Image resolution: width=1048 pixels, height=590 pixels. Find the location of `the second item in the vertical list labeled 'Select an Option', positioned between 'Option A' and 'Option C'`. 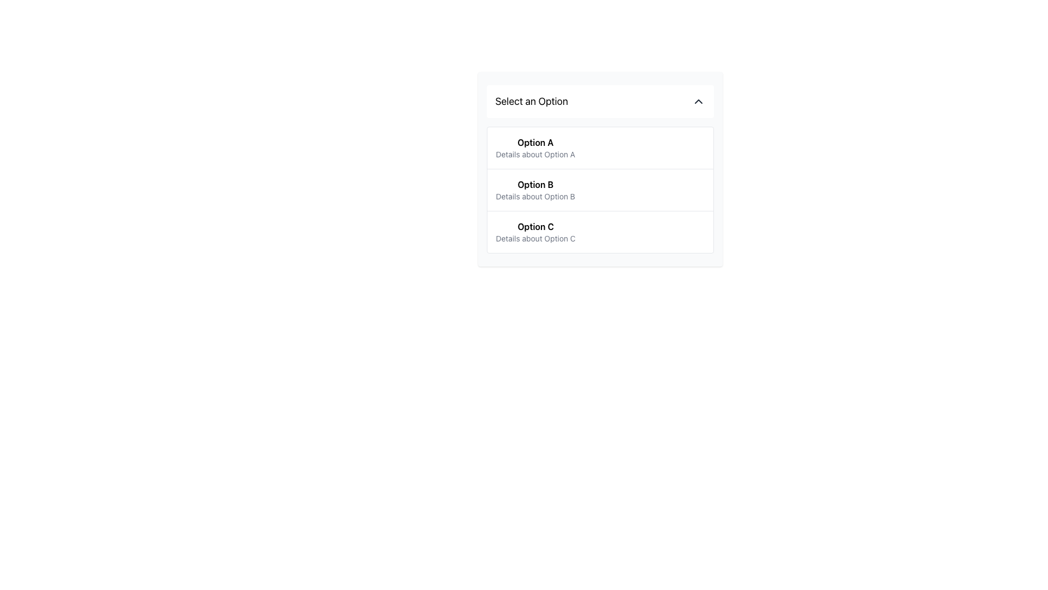

the second item in the vertical list labeled 'Select an Option', positioned between 'Option A' and 'Option C' is located at coordinates (599, 189).